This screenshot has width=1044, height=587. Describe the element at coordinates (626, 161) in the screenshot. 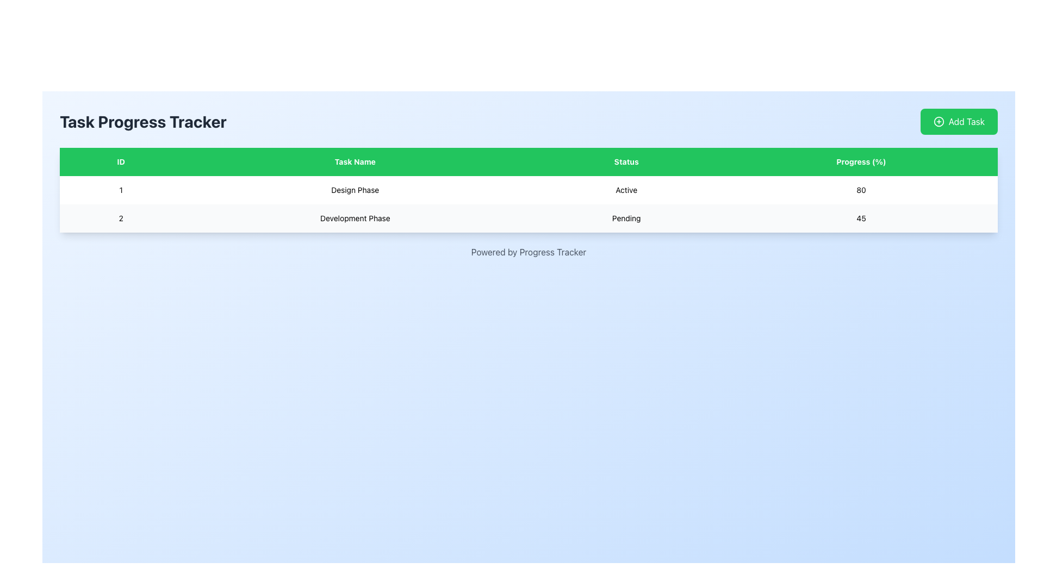

I see `the 'Status' header label in the data table to highlight its column` at that location.